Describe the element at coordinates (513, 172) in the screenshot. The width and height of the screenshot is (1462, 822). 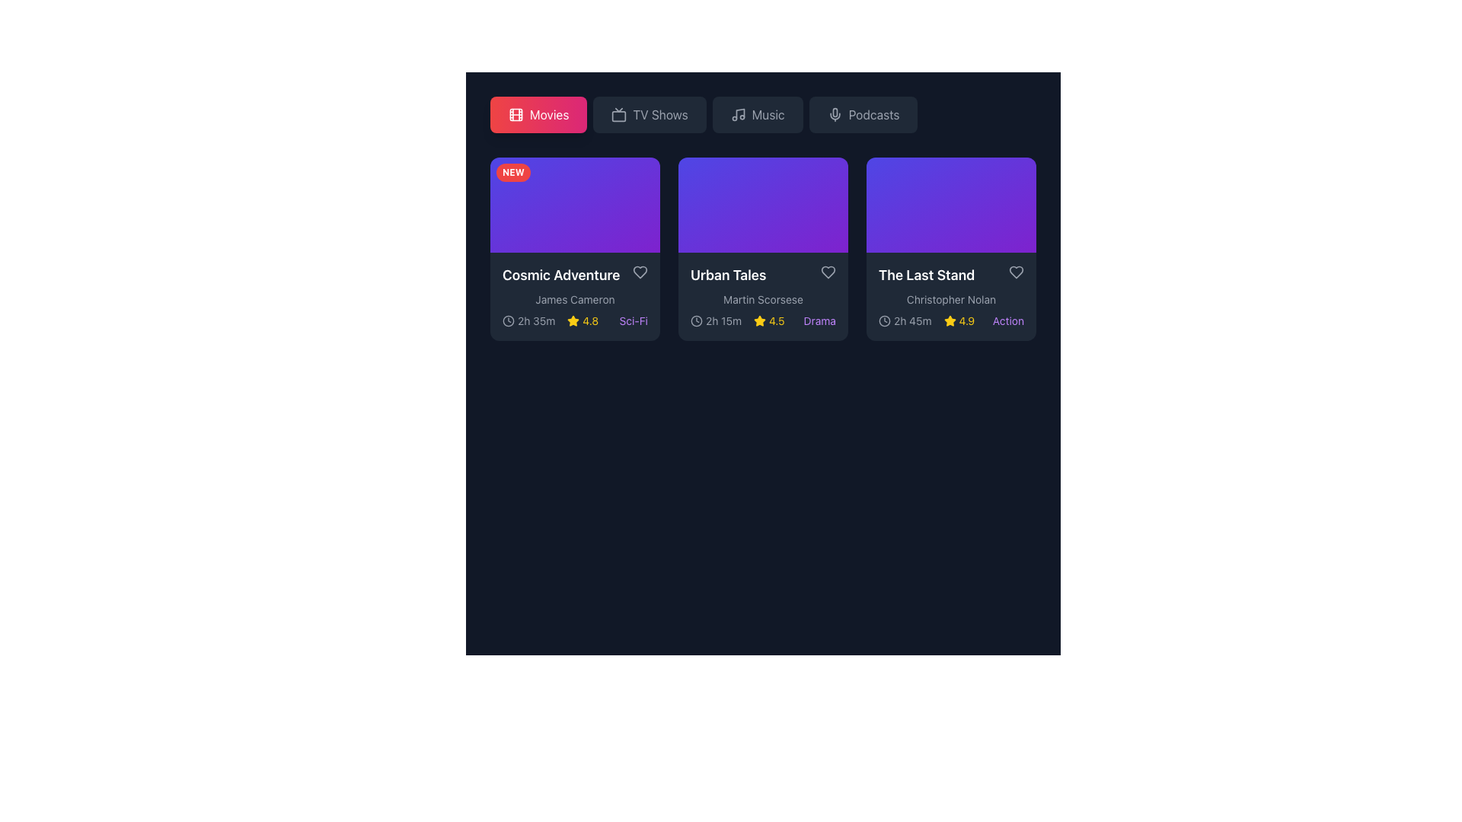
I see `the 'NEW' label with a bold red background and white uppercase text, located at the top-left corner of the 'Cosmic Adventure' content card` at that location.